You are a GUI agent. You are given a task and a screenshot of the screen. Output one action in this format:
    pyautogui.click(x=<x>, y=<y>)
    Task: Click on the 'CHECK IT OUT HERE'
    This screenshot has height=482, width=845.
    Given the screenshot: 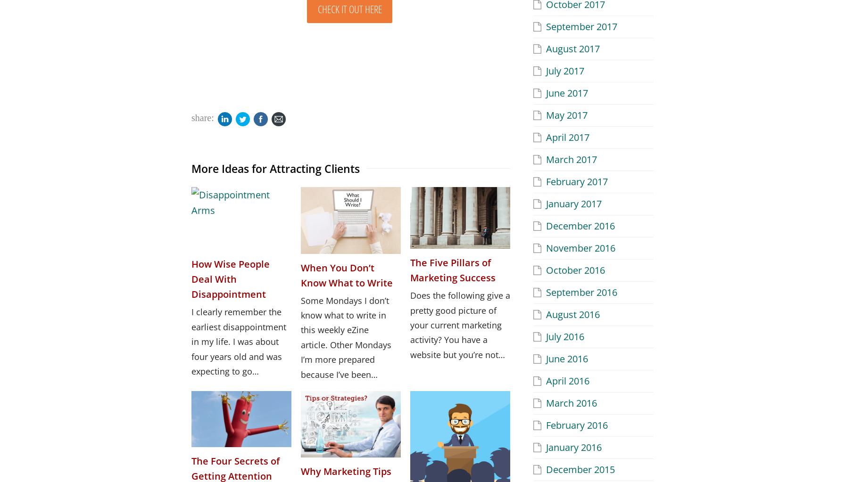 What is the action you would take?
    pyautogui.click(x=349, y=9)
    